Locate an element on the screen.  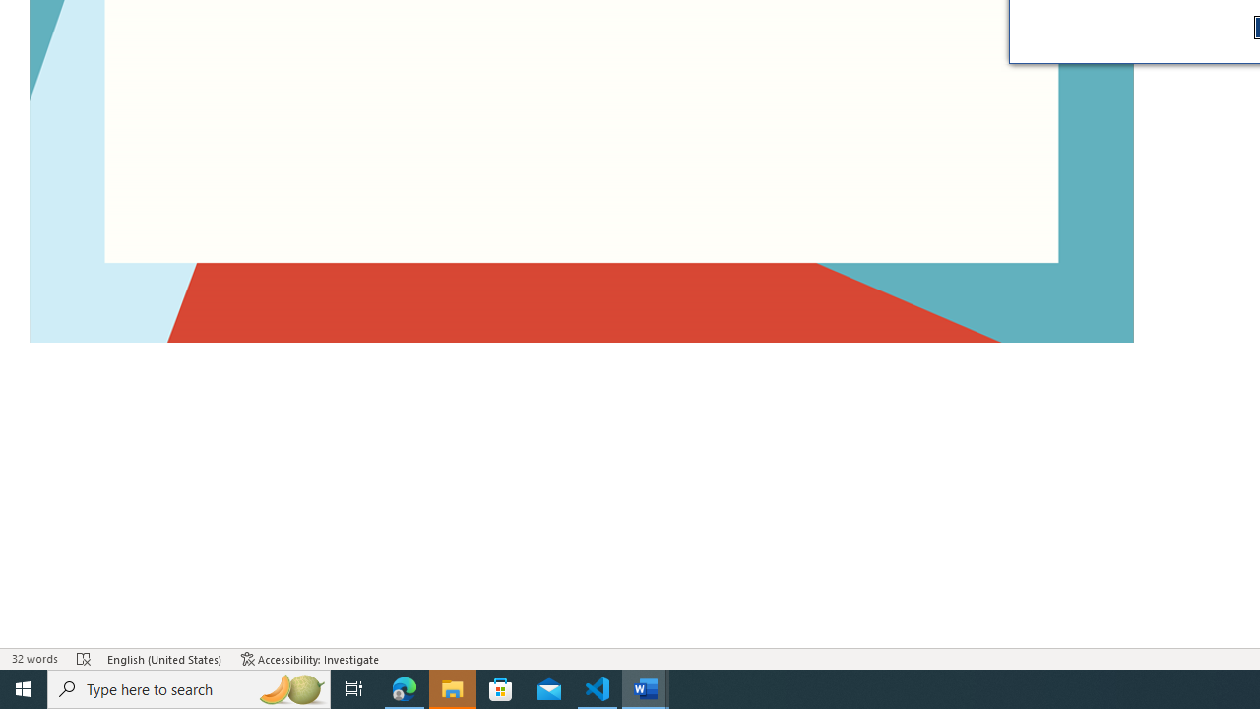
'Start' is located at coordinates (24, 687).